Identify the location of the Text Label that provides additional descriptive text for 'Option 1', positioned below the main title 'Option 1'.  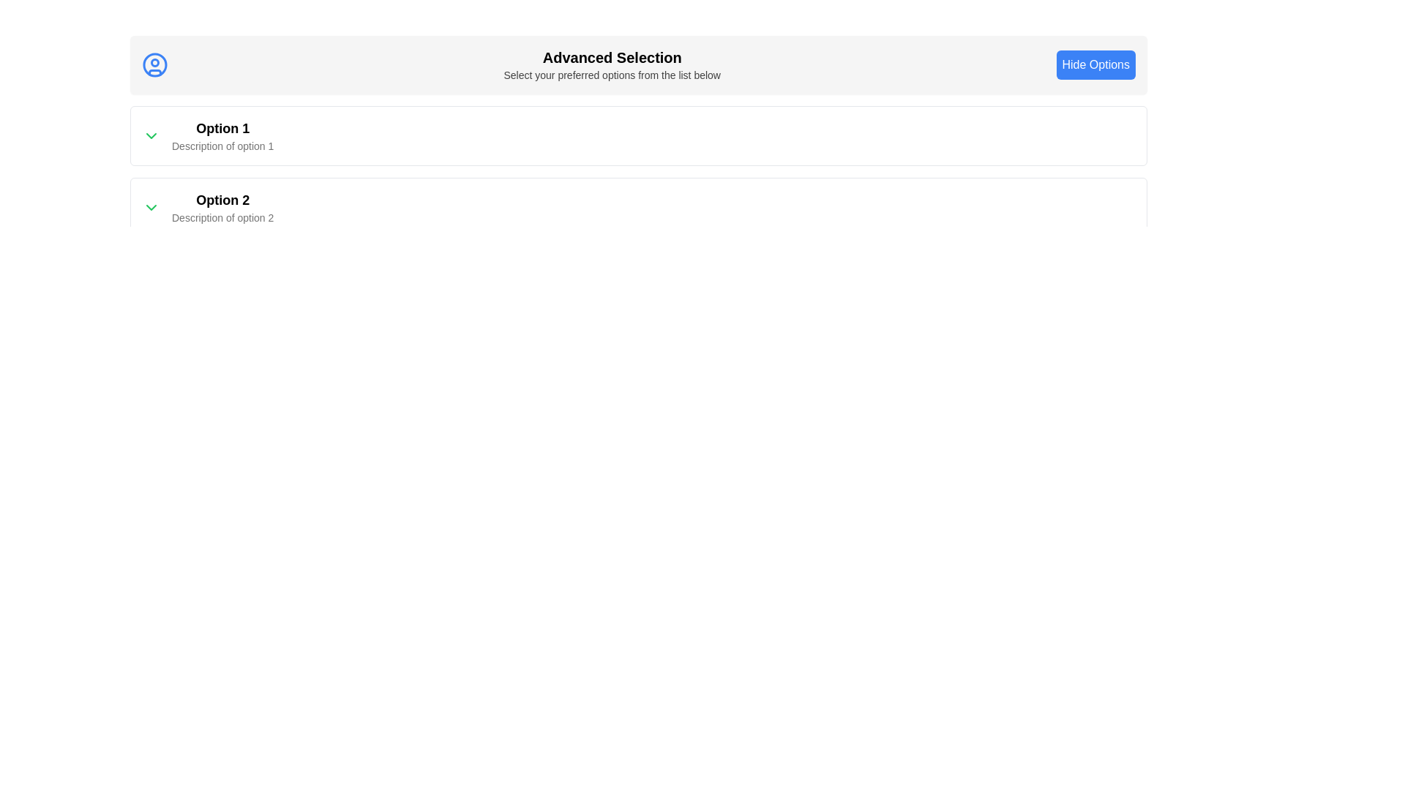
(222, 146).